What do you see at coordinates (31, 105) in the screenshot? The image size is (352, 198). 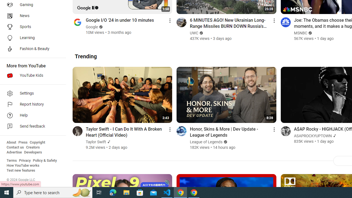 I see `'Report history'` at bounding box center [31, 105].